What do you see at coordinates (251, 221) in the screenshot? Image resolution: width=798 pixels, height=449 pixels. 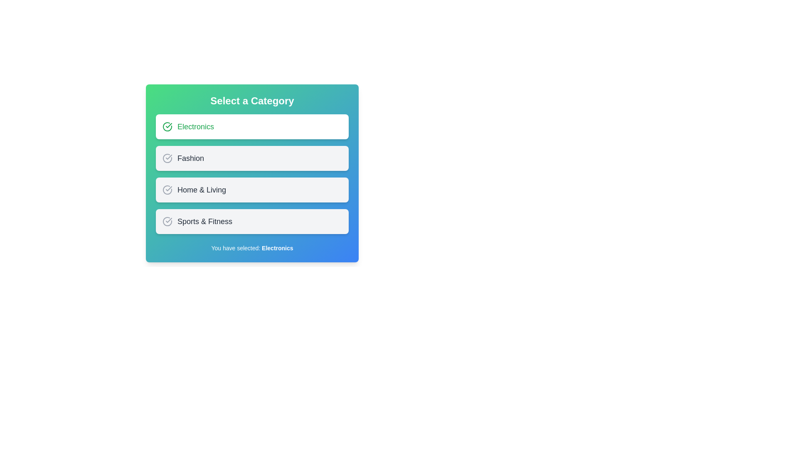 I see `the 'Sports & Fitness' option button in the 'Select a Category' panel, which is the fourth item in a vertically stacked list below 'Home & Living'` at bounding box center [251, 221].